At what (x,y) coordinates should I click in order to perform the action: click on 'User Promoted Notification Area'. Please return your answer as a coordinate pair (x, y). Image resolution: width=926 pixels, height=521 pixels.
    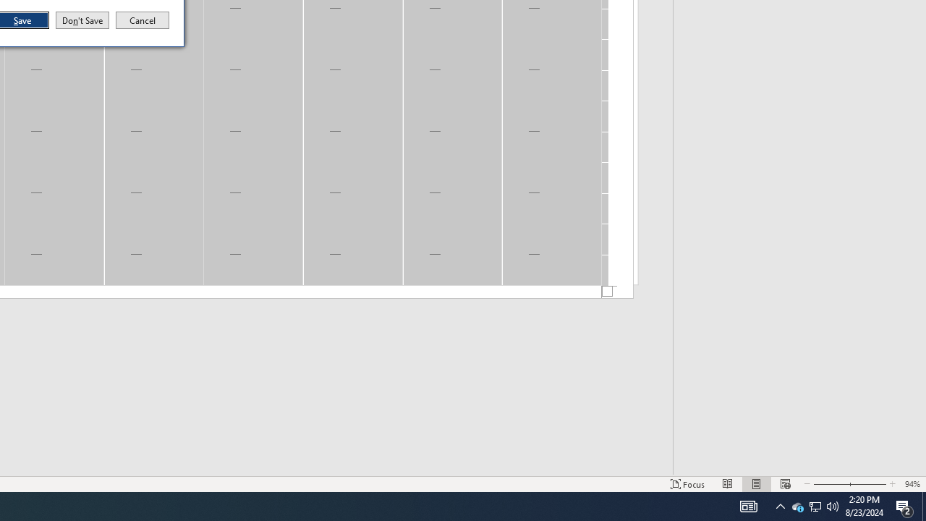
    Looking at the image, I should click on (797, 505).